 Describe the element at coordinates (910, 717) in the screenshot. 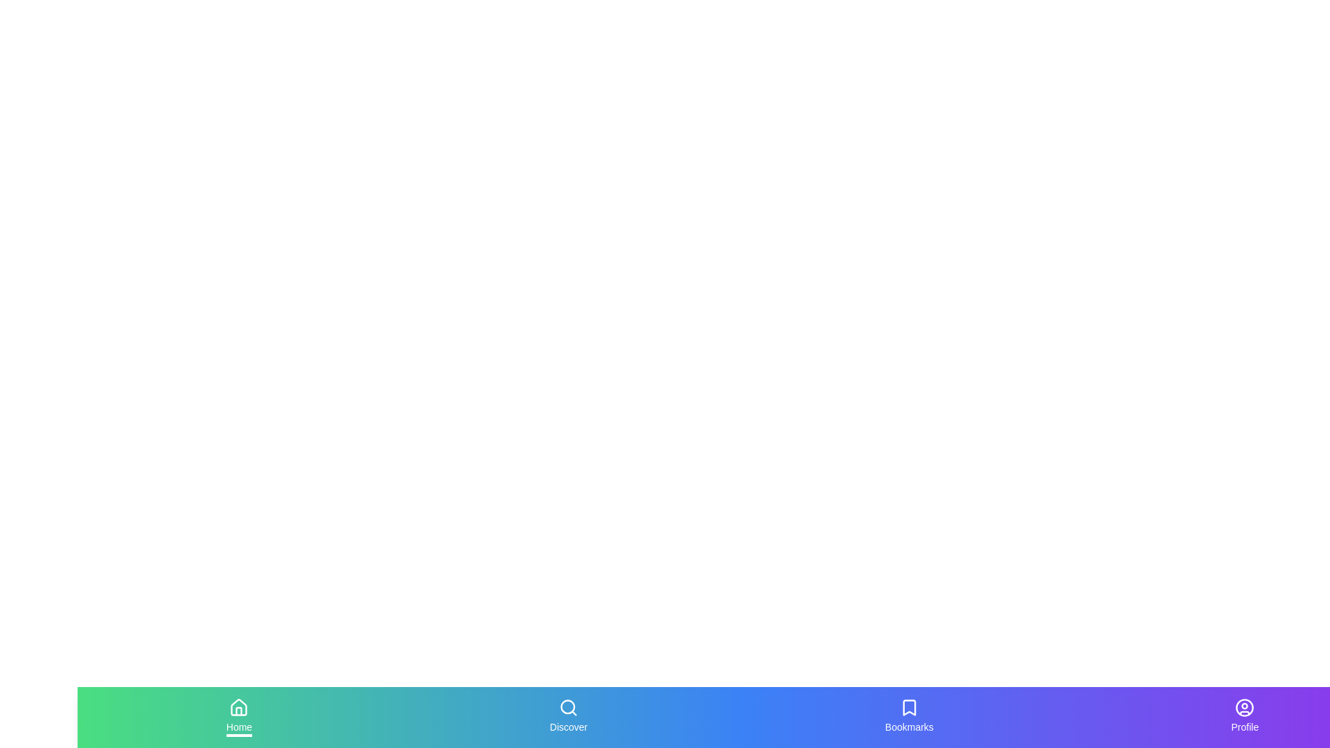

I see `the navigation tab labeled Bookmarks to observe its hover effect` at that location.